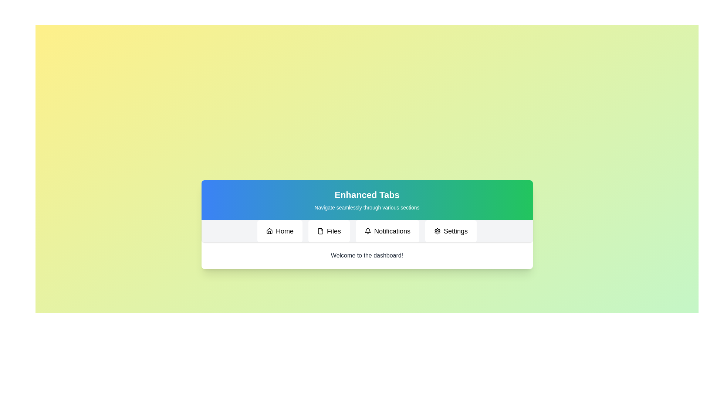  What do you see at coordinates (269, 231) in the screenshot?
I see `the 'Home' icon located in the top-left corner of the navigation bar` at bounding box center [269, 231].